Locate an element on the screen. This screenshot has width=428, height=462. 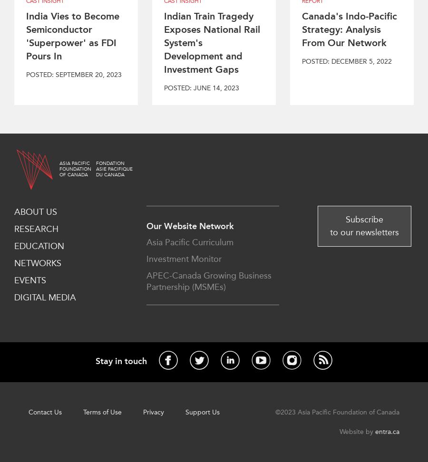
'Our Website Network' is located at coordinates (190, 225).